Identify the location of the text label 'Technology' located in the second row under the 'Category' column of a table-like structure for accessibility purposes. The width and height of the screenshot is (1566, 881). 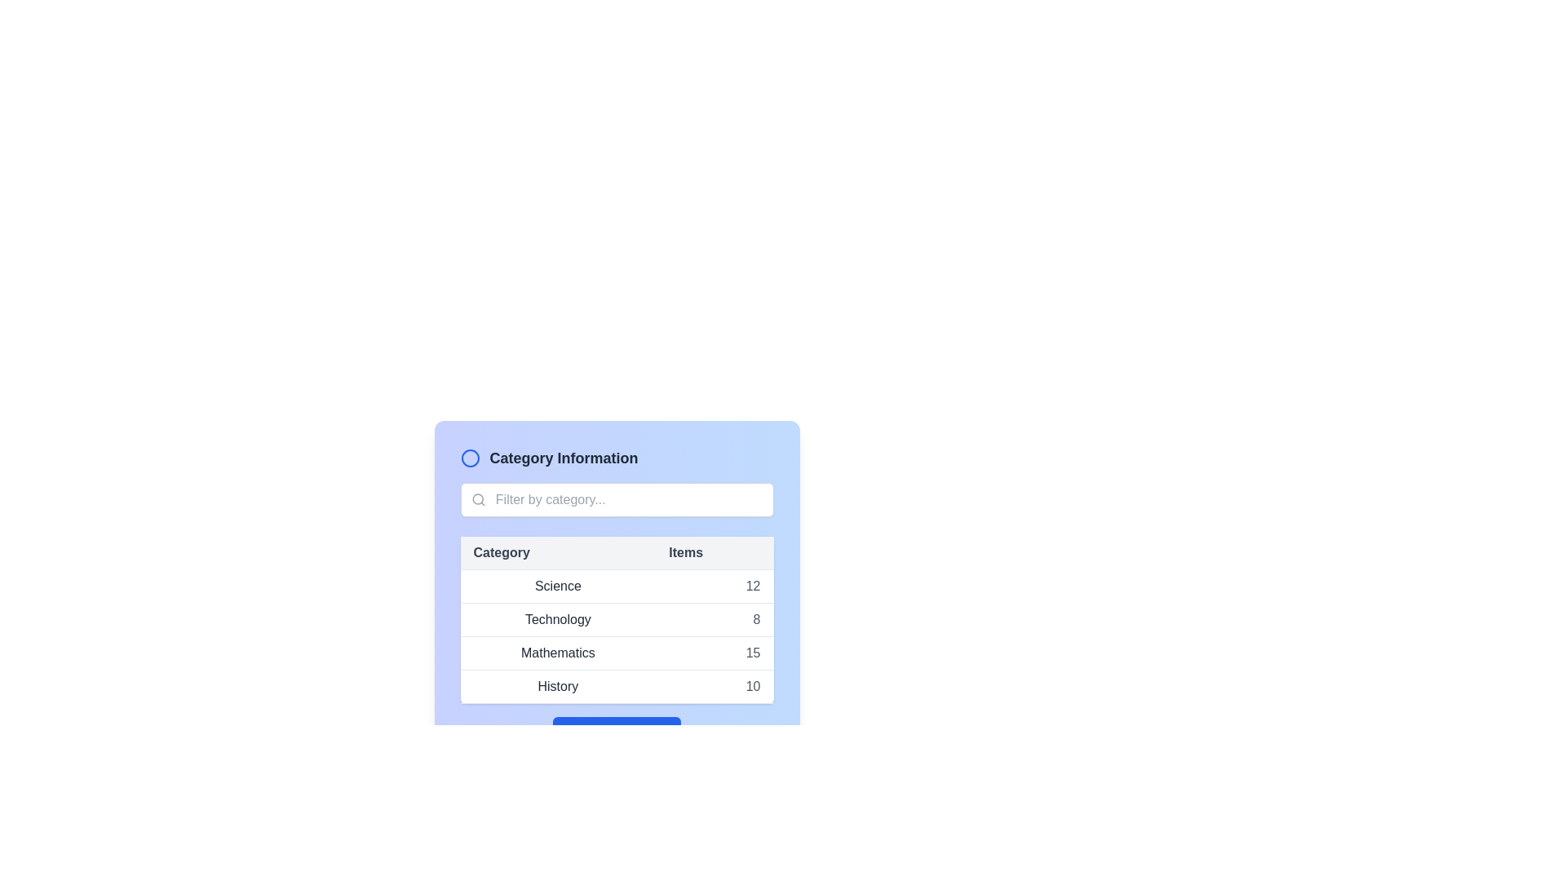
(558, 619).